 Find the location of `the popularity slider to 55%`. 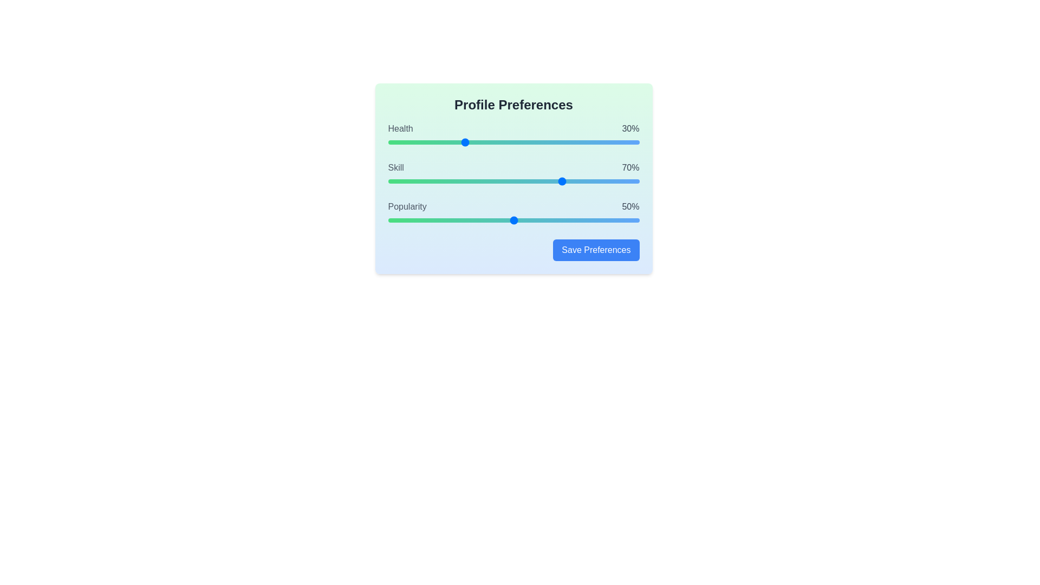

the popularity slider to 55% is located at coordinates (526, 220).